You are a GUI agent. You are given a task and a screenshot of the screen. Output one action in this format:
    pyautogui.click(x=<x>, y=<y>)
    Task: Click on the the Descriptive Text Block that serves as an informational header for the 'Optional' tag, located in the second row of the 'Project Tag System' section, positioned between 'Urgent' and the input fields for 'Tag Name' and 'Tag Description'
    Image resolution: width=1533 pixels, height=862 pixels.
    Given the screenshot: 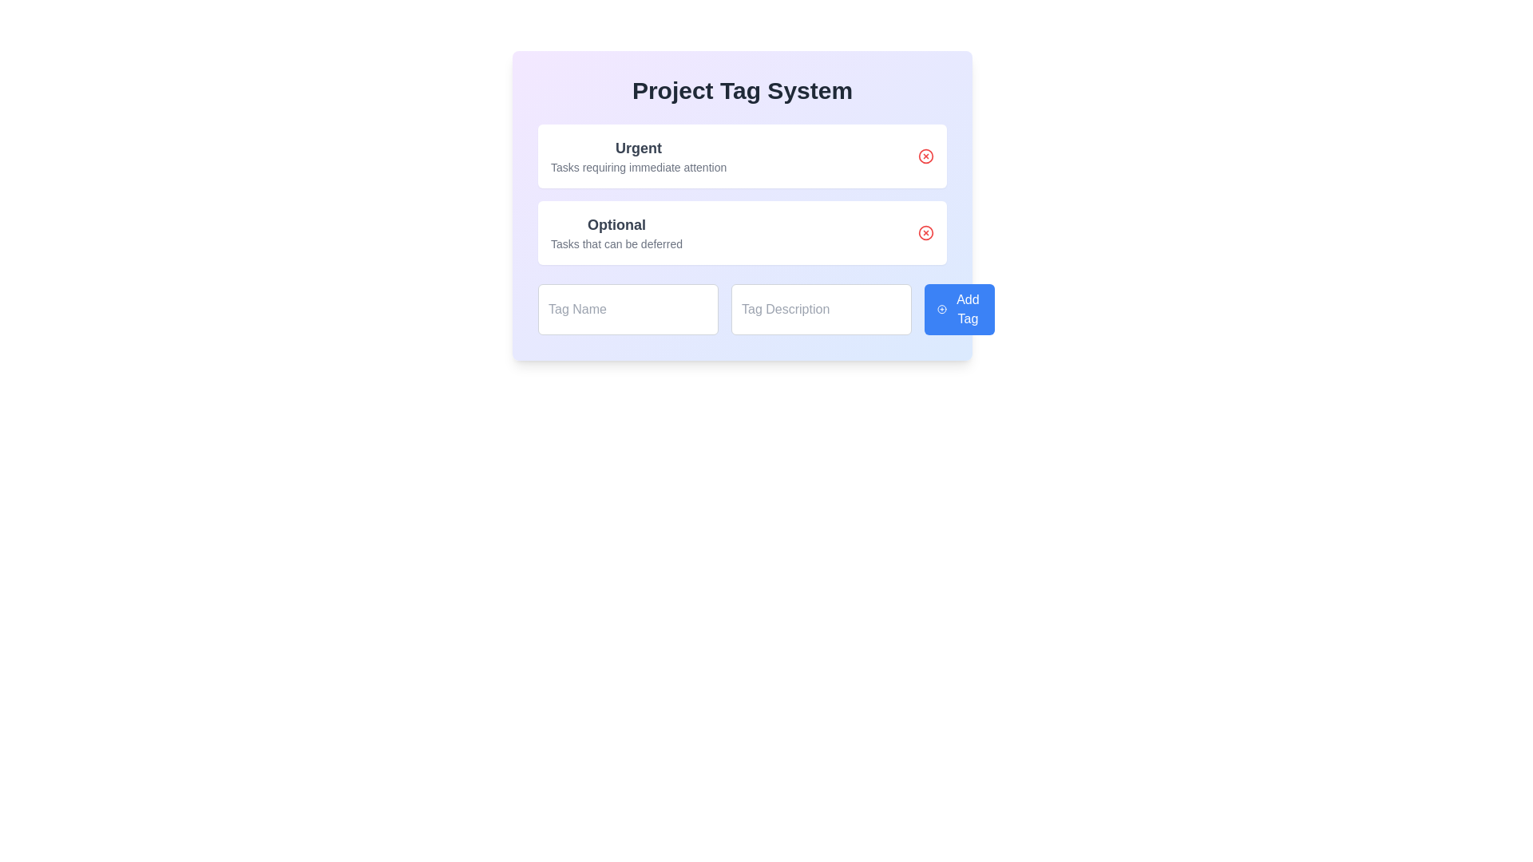 What is the action you would take?
    pyautogui.click(x=616, y=233)
    